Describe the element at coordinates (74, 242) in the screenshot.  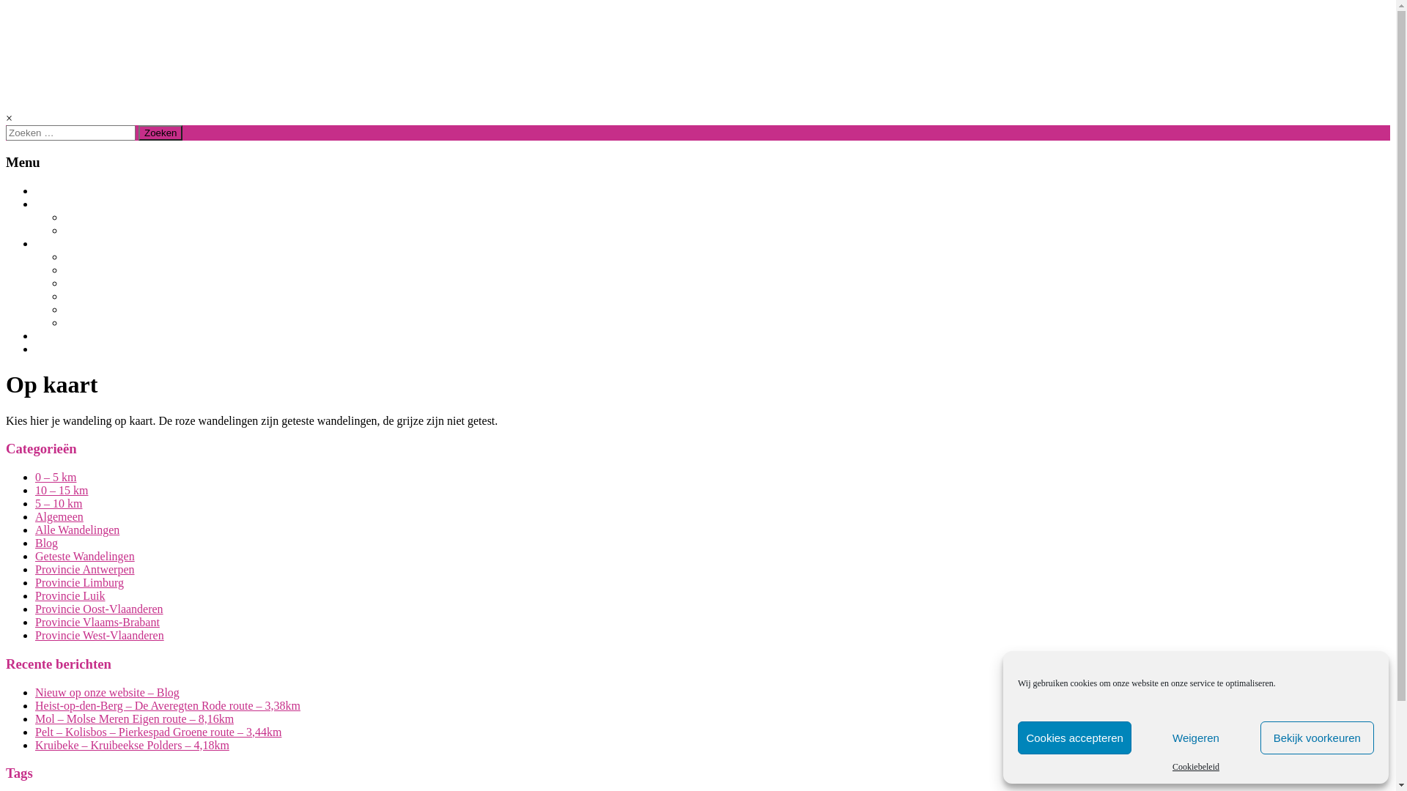
I see `'PER PROVINCIE'` at that location.